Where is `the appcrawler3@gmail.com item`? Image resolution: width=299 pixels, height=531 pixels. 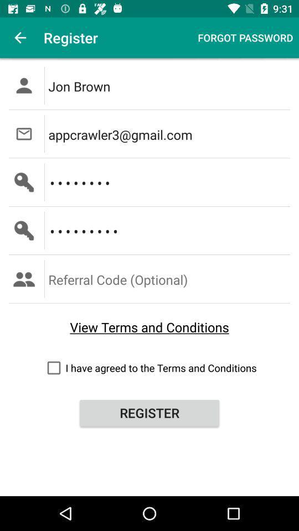
the appcrawler3@gmail.com item is located at coordinates (170, 133).